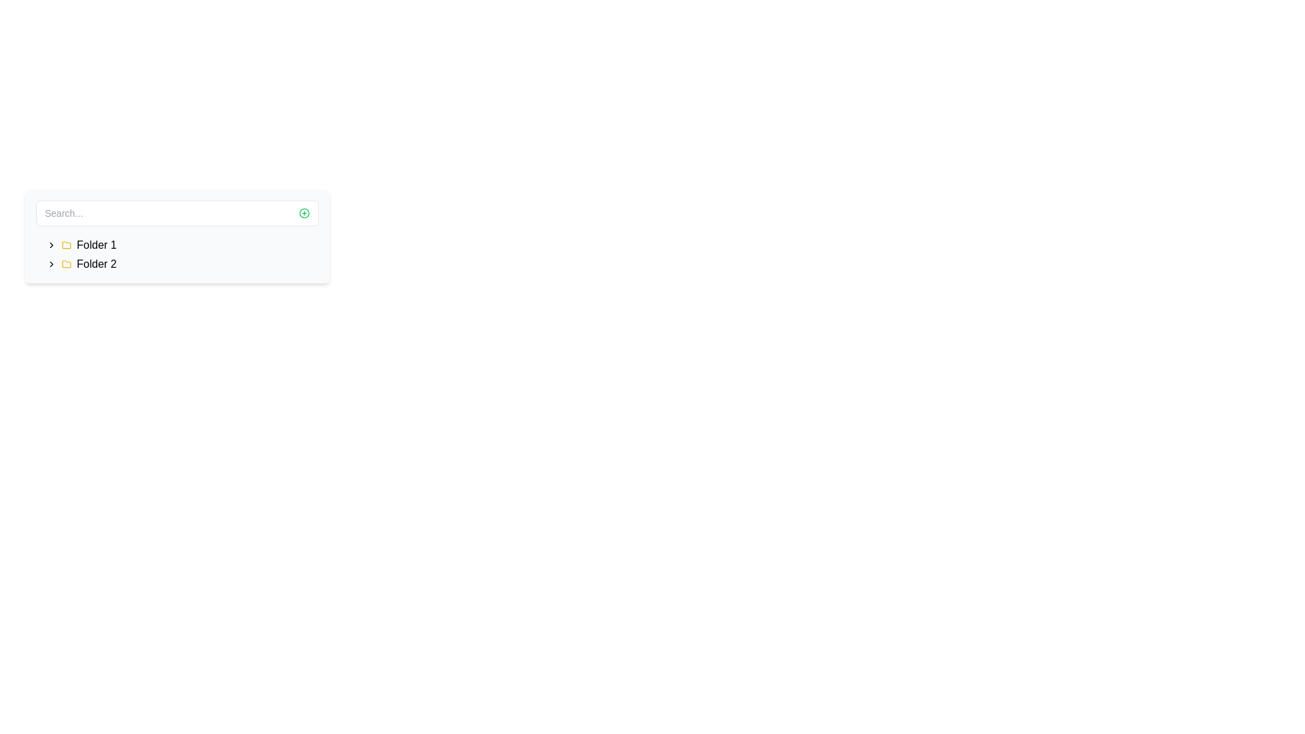 The width and height of the screenshot is (1305, 734). I want to click on the 'Folder 1' text label, so click(96, 245).